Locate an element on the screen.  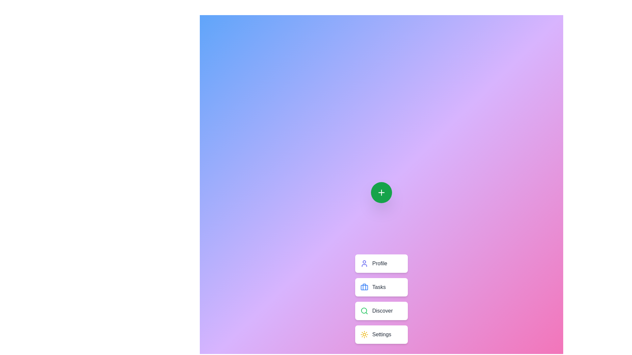
the green circular button to toggle the main menu visibility is located at coordinates (381, 192).